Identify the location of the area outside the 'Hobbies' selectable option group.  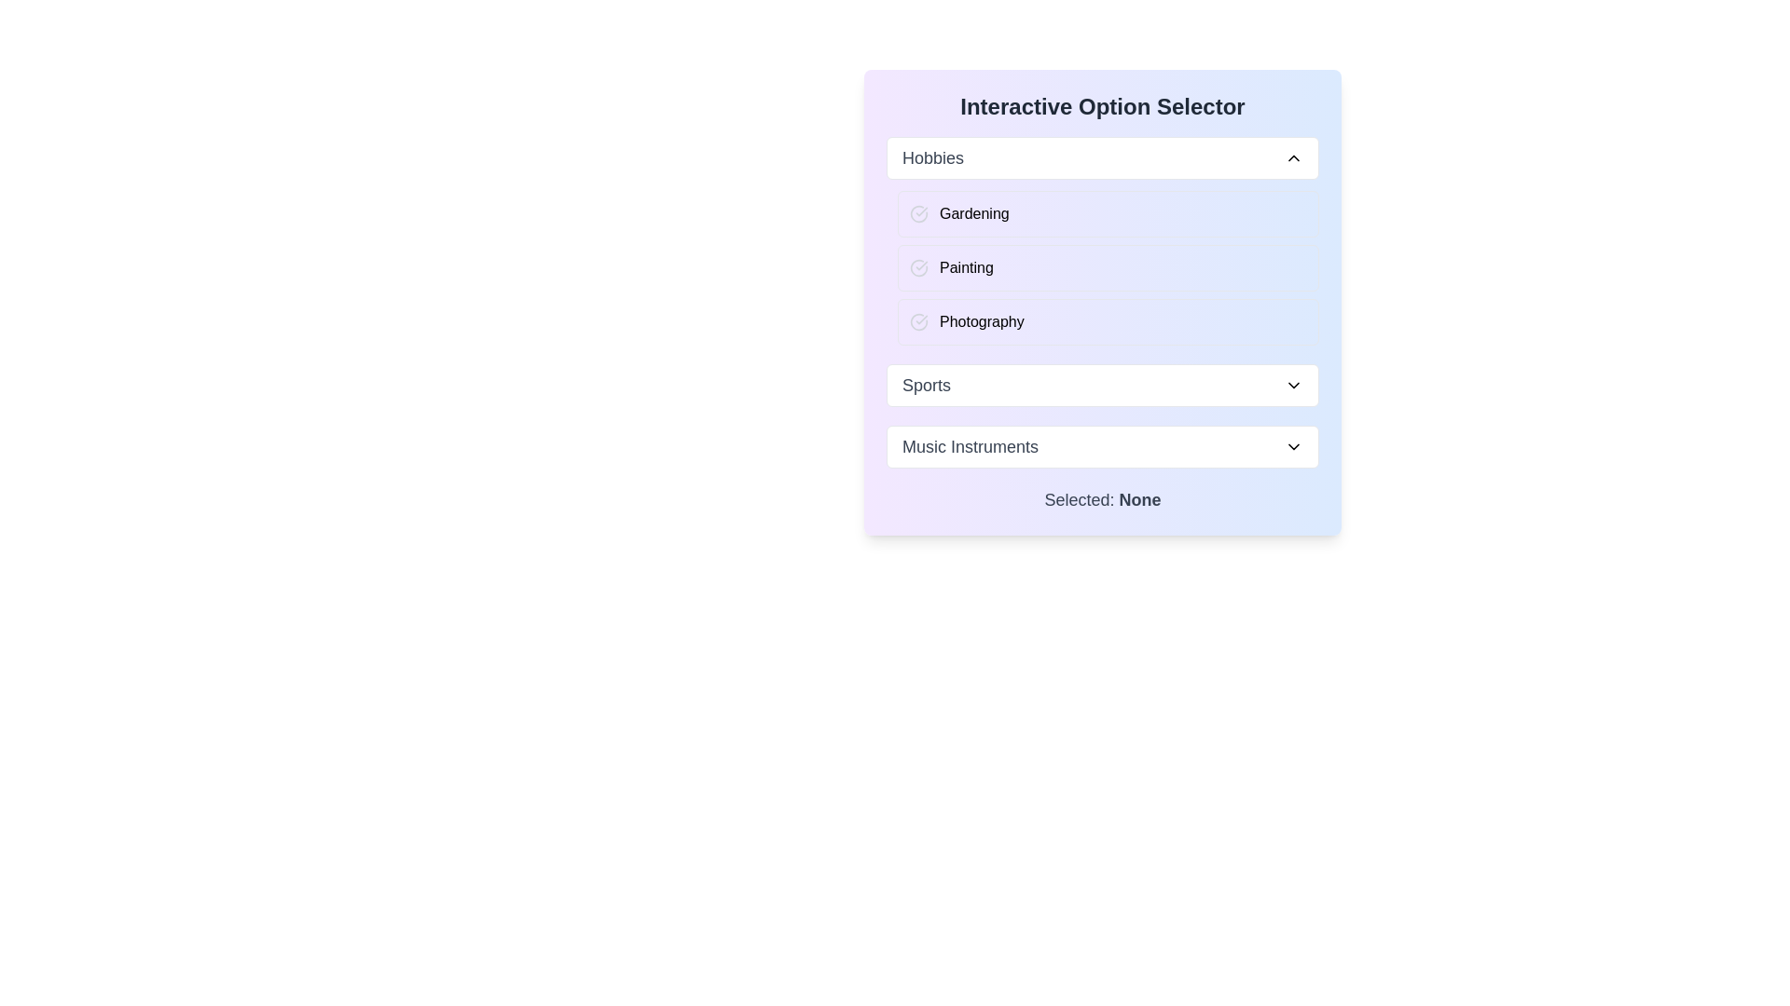
(1102, 239).